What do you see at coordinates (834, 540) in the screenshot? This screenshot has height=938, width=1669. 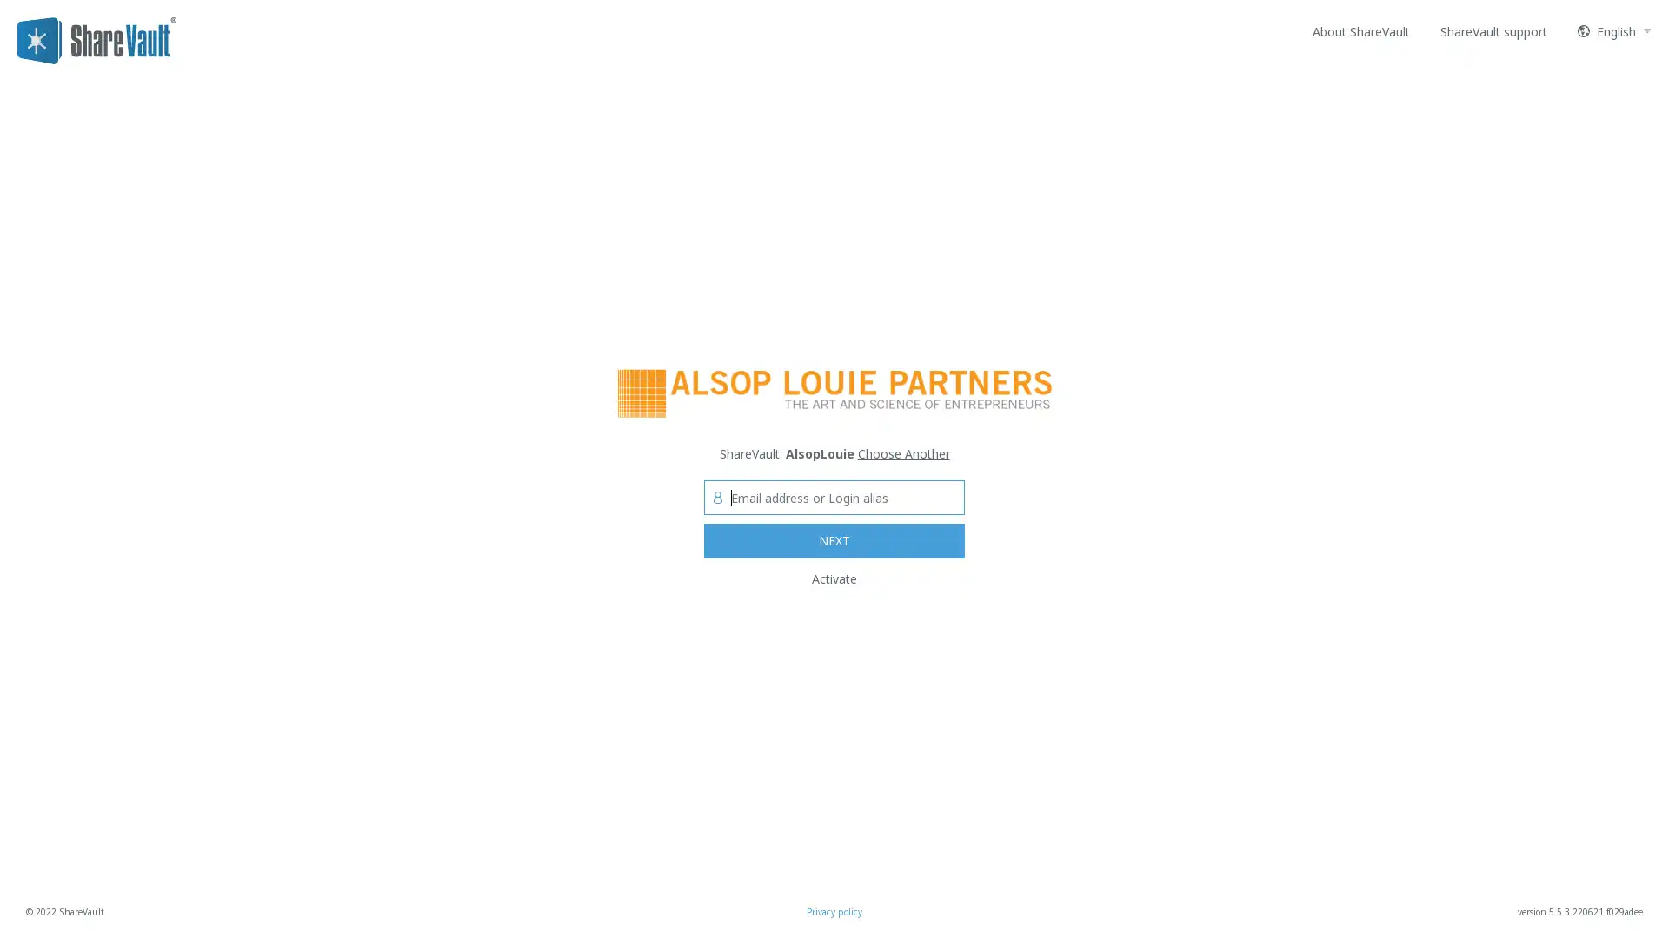 I see `NEXT` at bounding box center [834, 540].